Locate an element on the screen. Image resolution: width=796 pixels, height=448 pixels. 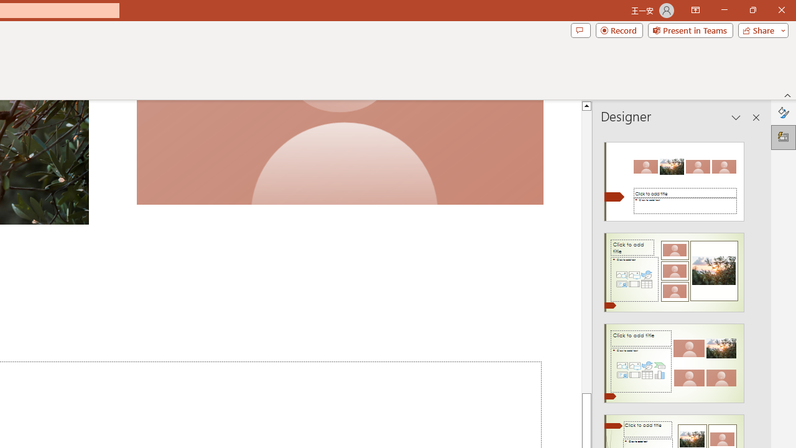
'Camera 7, No camera detected.' is located at coordinates (340, 152).